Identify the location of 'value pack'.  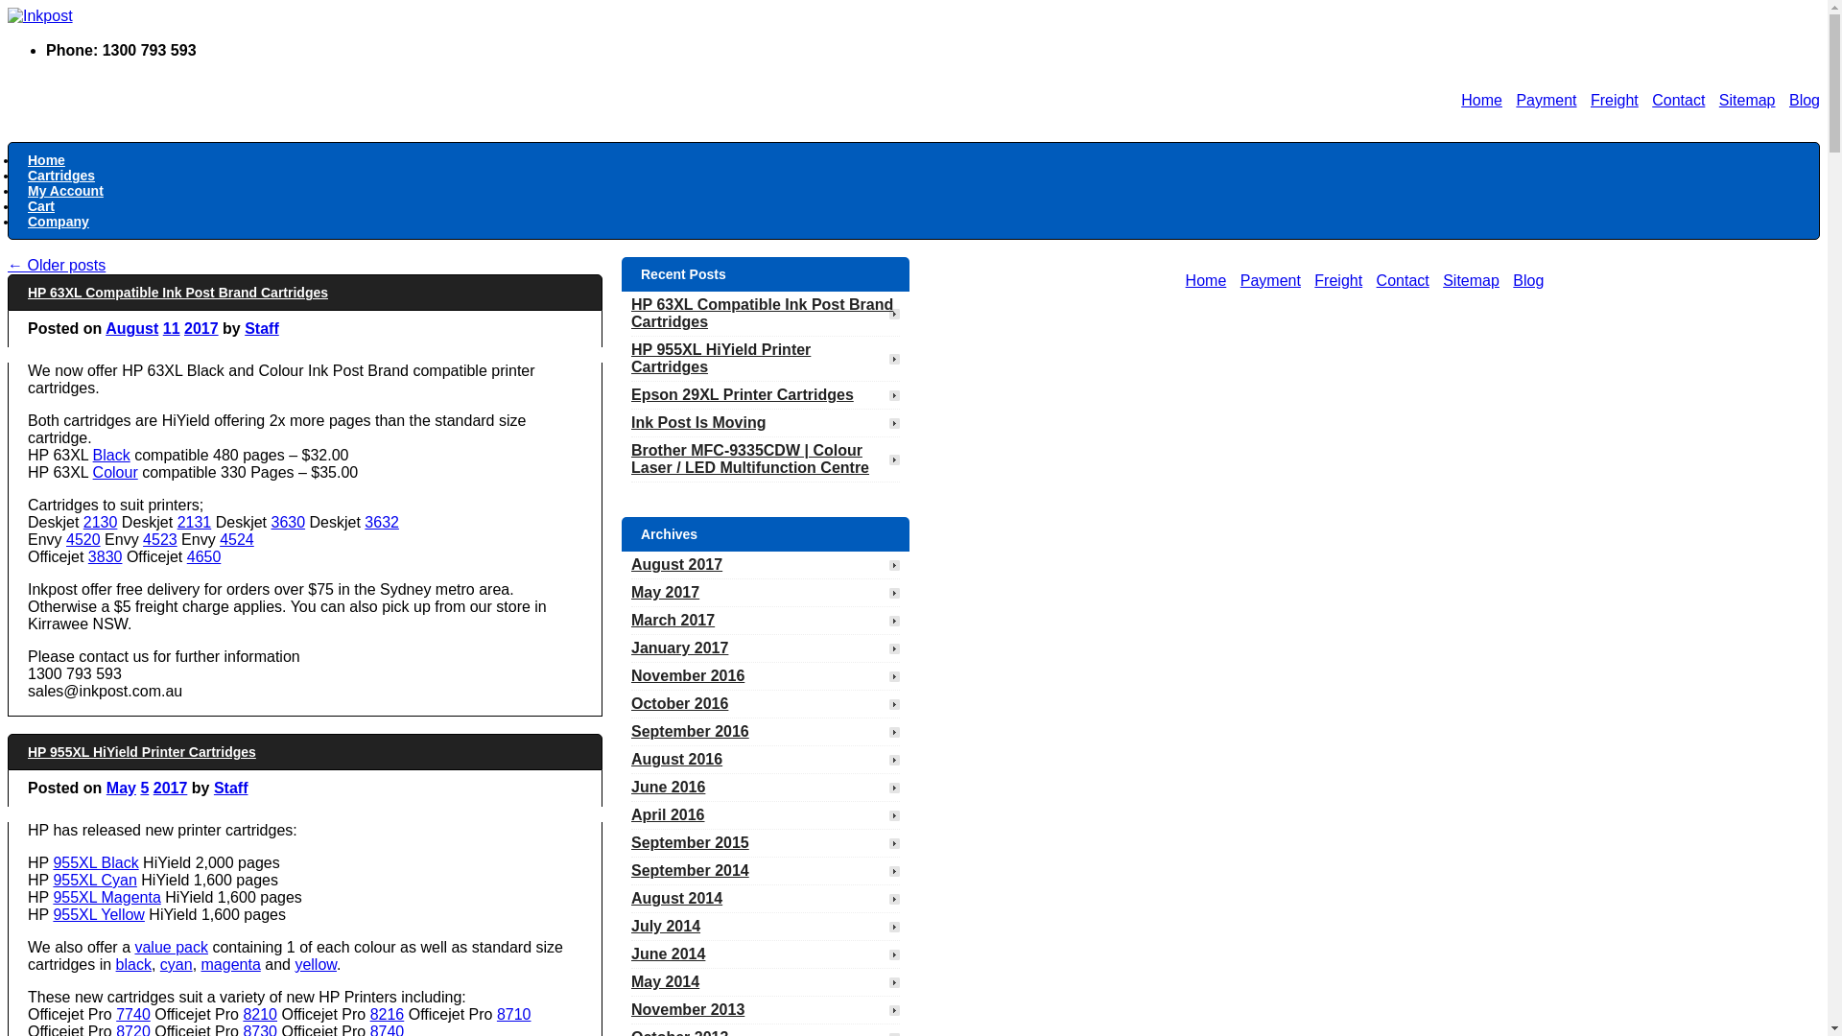
(132, 946).